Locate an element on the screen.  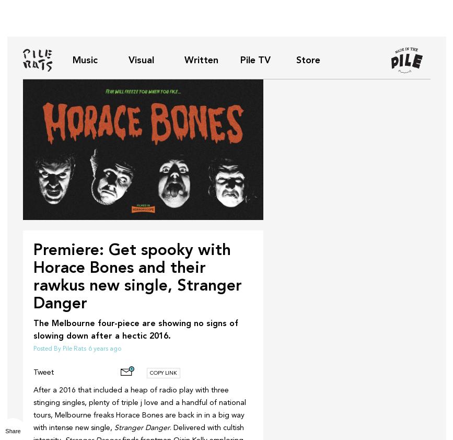
'Store' is located at coordinates (307, 59).